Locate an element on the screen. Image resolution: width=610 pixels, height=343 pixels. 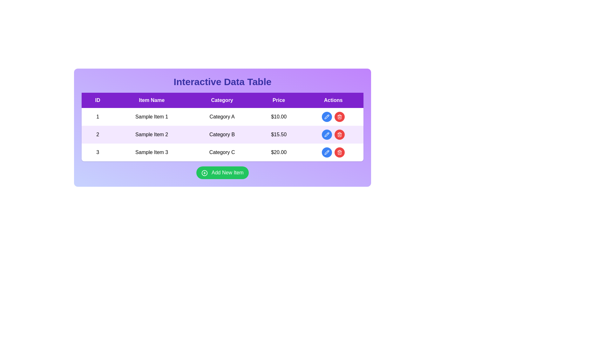
the 'Price' text label, which is the fourth column header in a table with a purple background and white bold text is located at coordinates (279, 100).